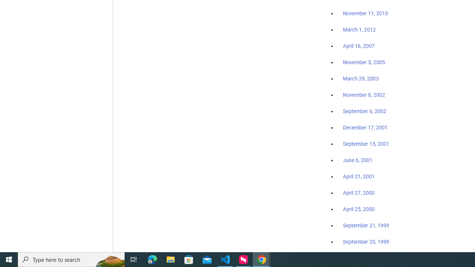 The image size is (475, 267). I want to click on 'April 25, 2000', so click(359, 209).